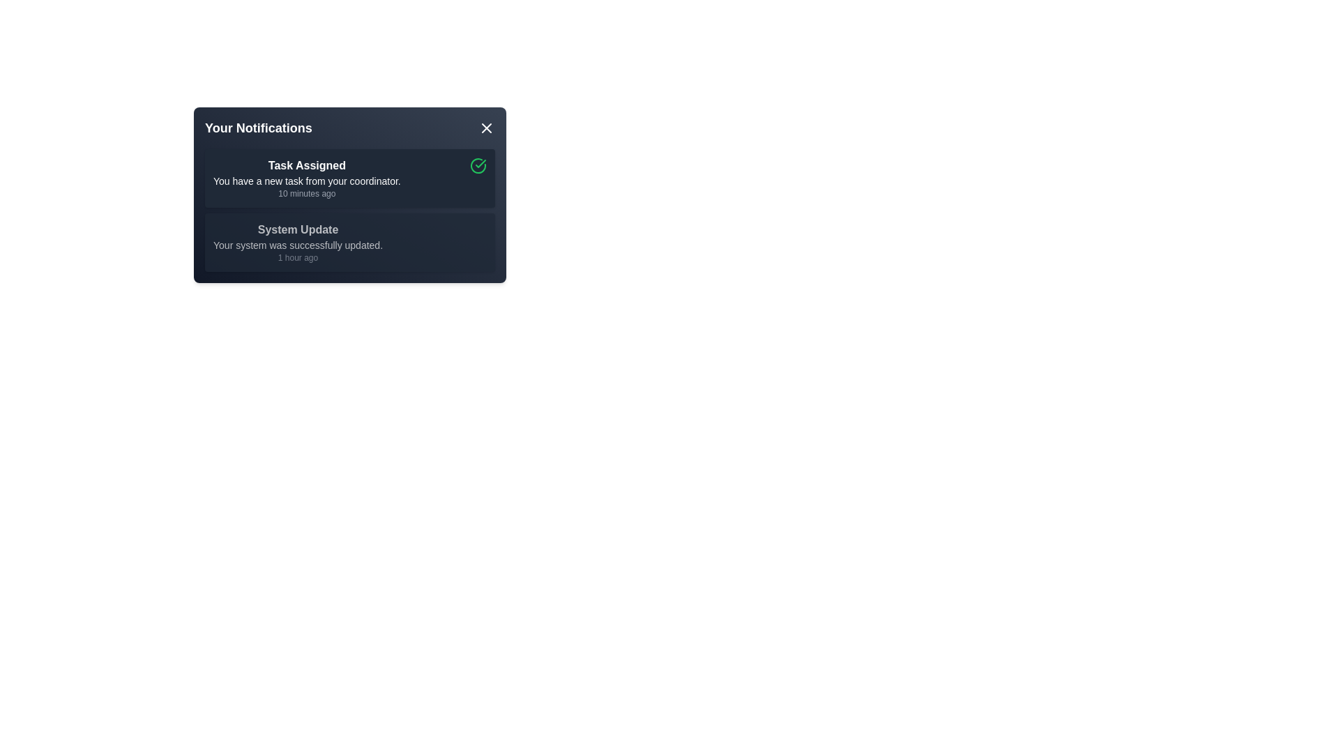  I want to click on the first notification item located in the 'Your Notifications' panel, which includes the title, context, and timestamp of the assigned task, so click(306, 177).